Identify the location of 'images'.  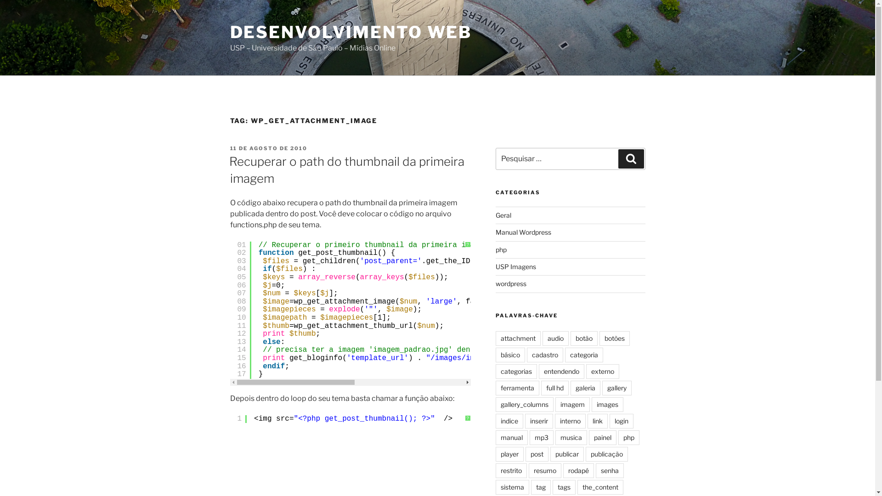
(607, 404).